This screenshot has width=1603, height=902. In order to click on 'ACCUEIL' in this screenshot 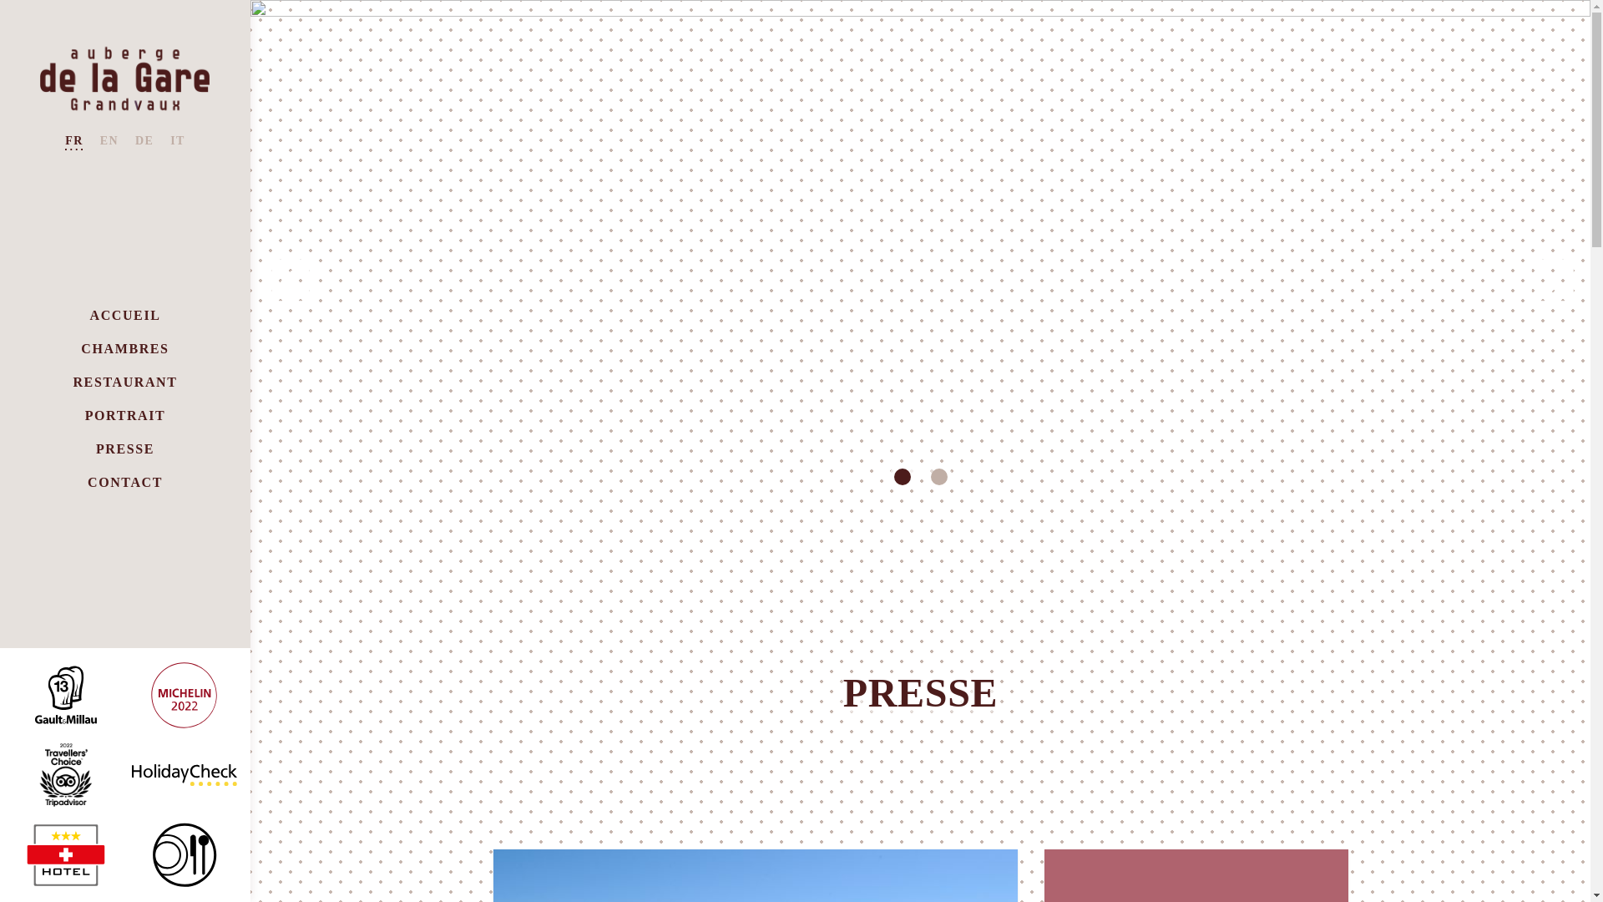, I will do `click(124, 316)`.